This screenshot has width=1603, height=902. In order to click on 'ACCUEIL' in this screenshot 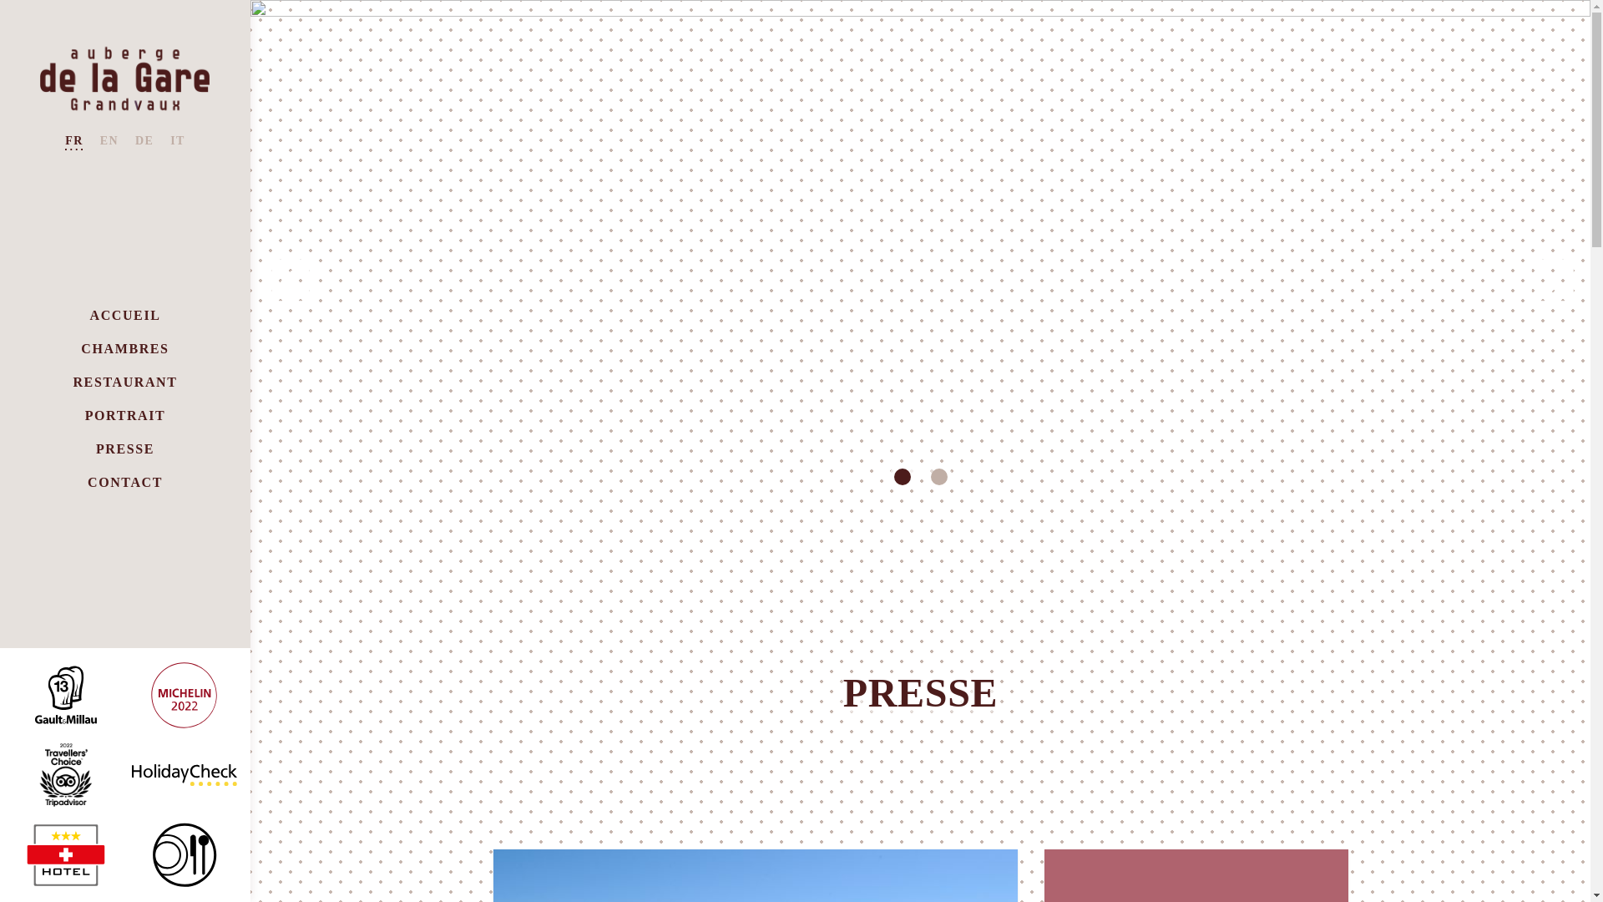, I will do `click(124, 316)`.